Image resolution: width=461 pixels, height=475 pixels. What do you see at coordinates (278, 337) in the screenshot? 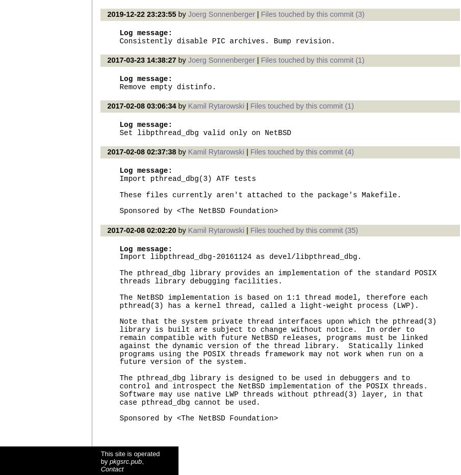
I see `'Import libpthread_dbg-20161124 as devel/libpthread_dbg.

The pthread_dbg library provides an implementation of the standard POSIX
threads library debugging facilities.

The NetBSD implementation is based on 1:1 thread model, therefore each
pthread(3) has a kernel thread, called a light-weight process (LWP).

Note that the system private thread interfaces upon which the pthread(3)
library is built are subject to change without notice.  In order to
remain compatible with future NetBSD releases, programs must be linked
against the dynamic version of the thread library.  Statically linked
programs using the POSIX threads framework may not work when run on a
future version of the system.

The pthread_dbg library is designed to be used in debuggers and to
control and introspect the NetBSD implementation of the POSIX threads.
Software may use native LWP threads without pthread(3) layer, in that
case pthread_dbg cannot be used.

Sponsored by <The NetBSD Foundation>'` at bounding box center [278, 337].